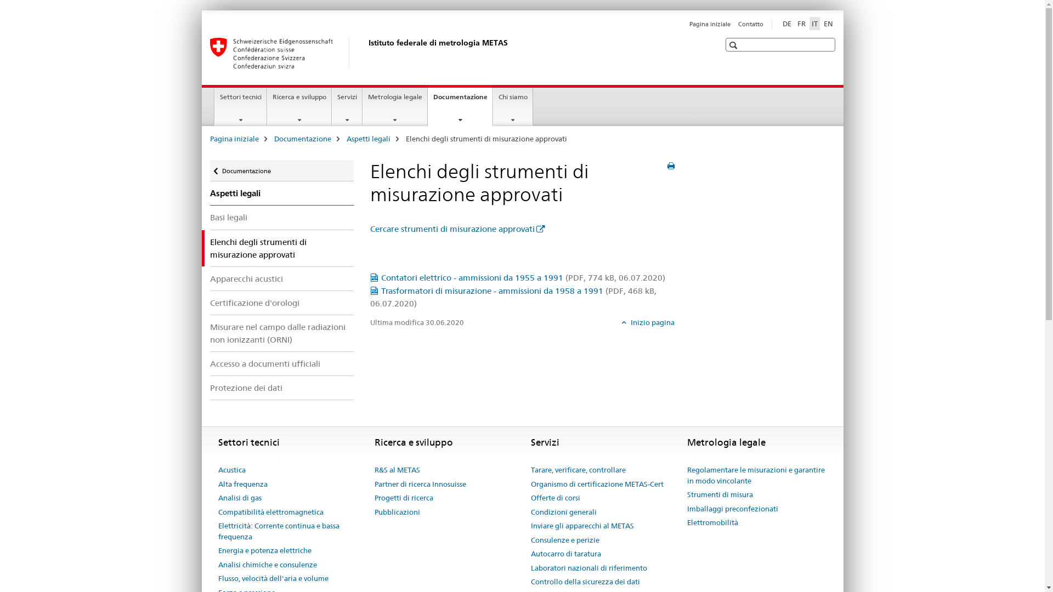 The width and height of the screenshot is (1053, 592). I want to click on 'Analisi chimiche e consulenze', so click(268, 565).